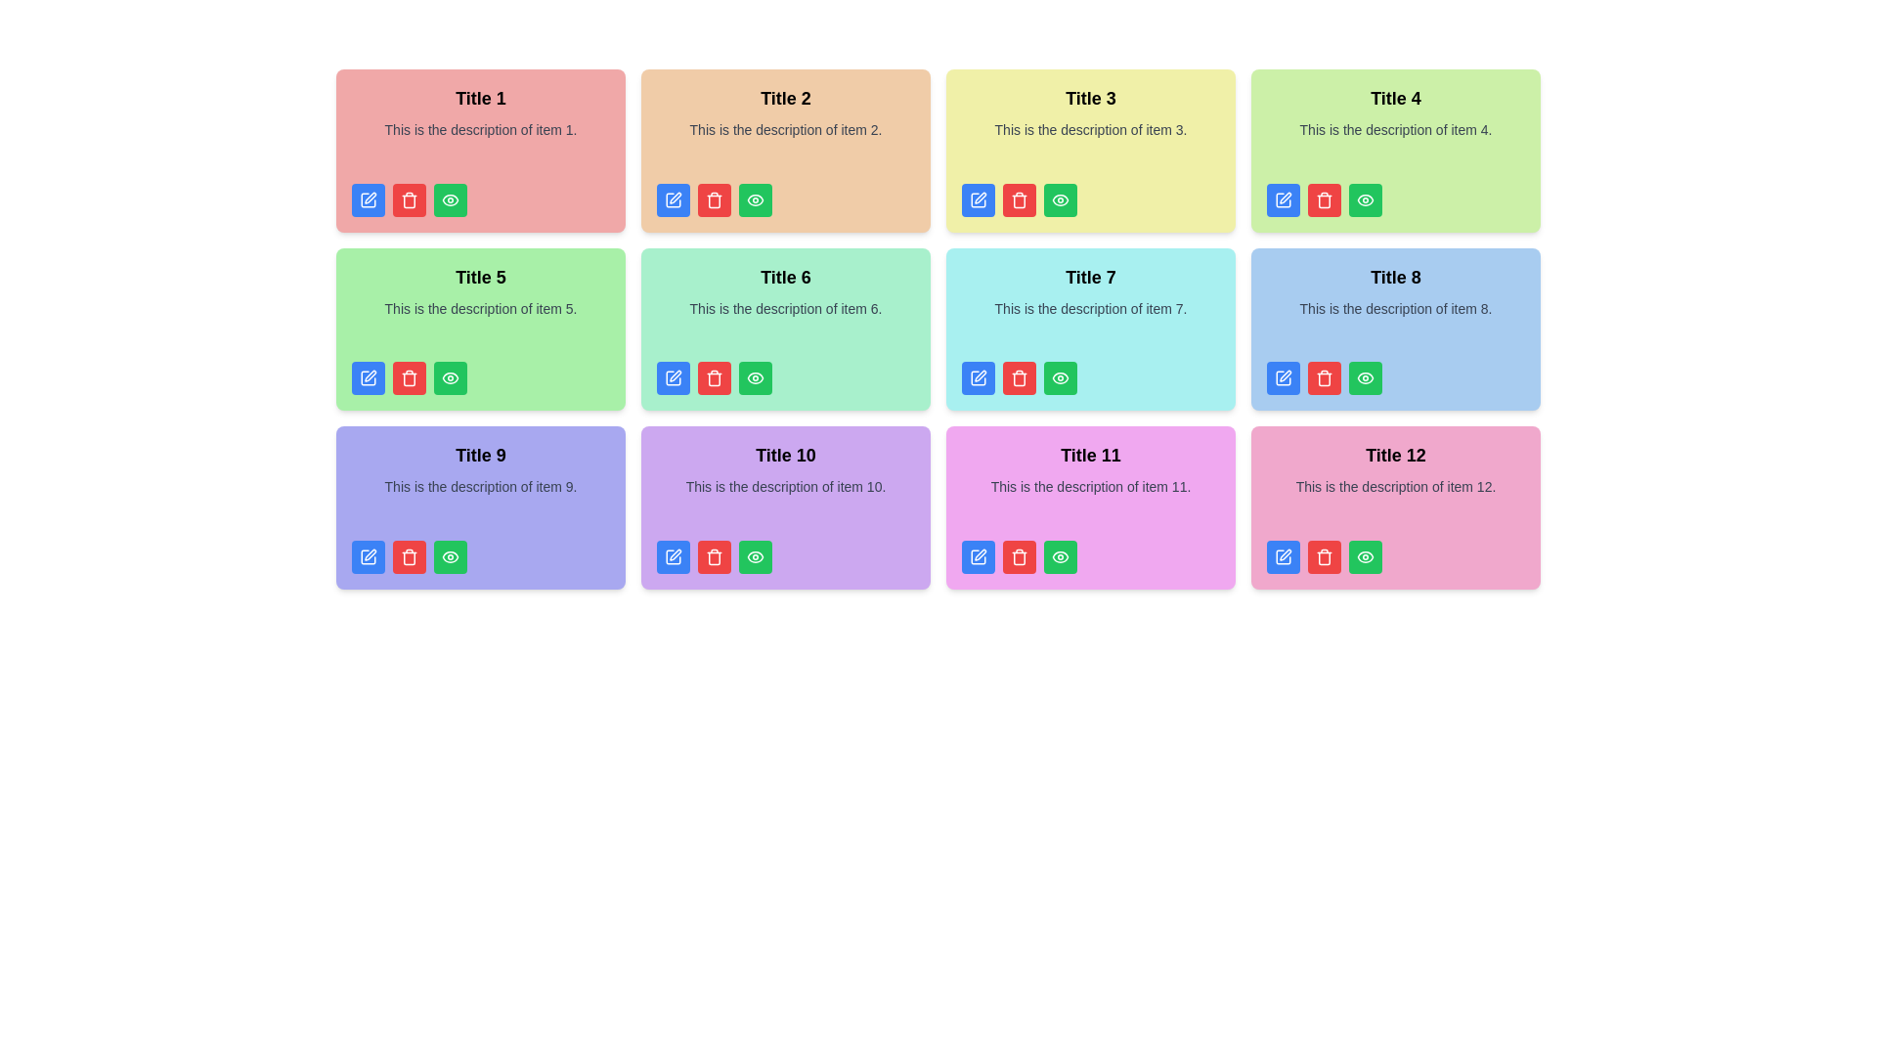  I want to click on the action bar containing interactive buttons located below the description of 'Title 12', which is the third action bar in the fourth row of the grid layout, so click(1395, 556).